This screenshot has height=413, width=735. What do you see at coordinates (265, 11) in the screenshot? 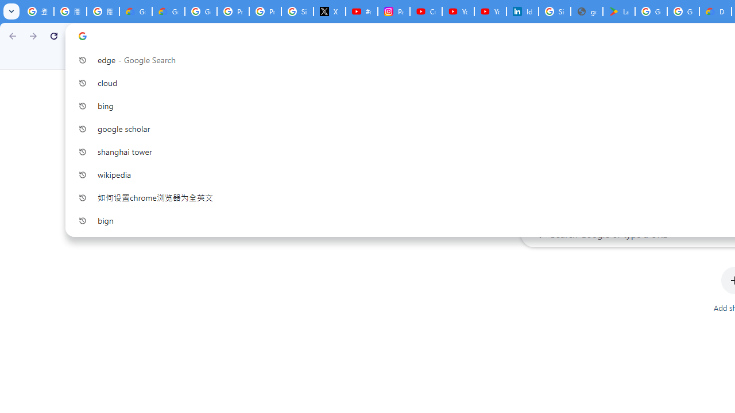
I see `'Privacy Help Center - Policies Help'` at bounding box center [265, 11].